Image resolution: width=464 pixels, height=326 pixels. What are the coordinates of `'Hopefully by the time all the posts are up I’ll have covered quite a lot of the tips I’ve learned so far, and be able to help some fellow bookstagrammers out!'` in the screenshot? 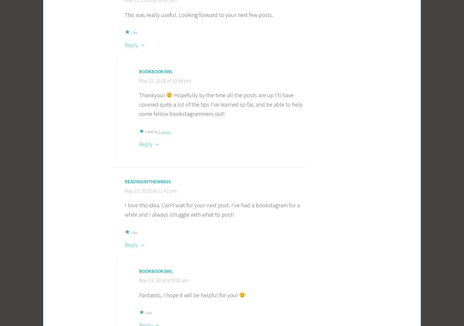 It's located at (220, 104).